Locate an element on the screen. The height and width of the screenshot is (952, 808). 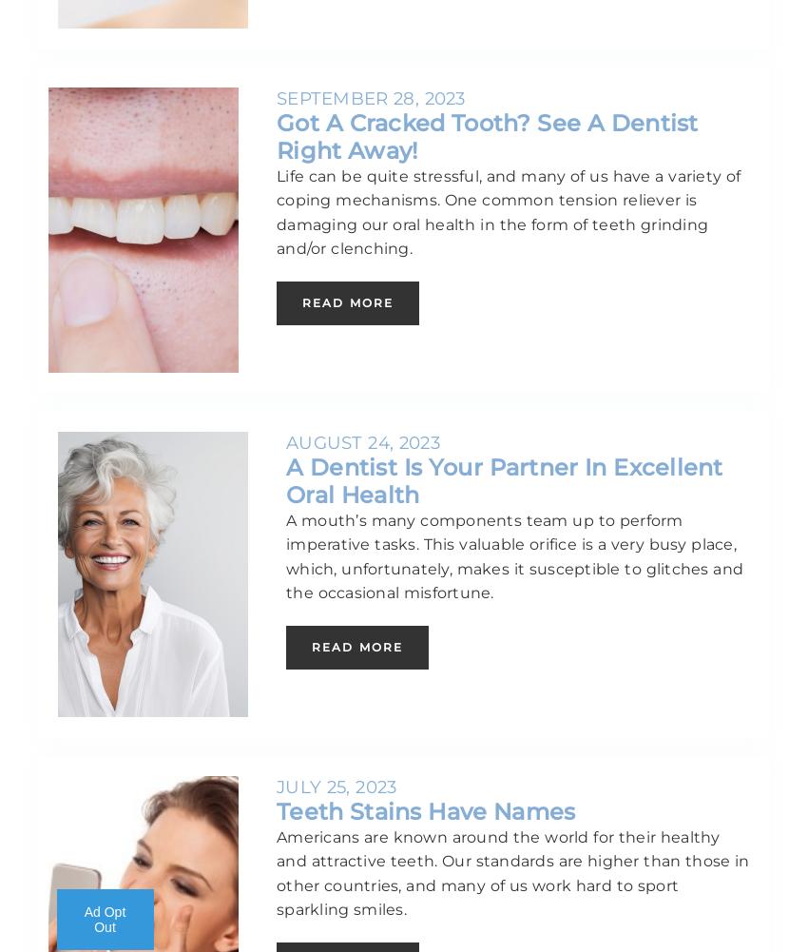
'A Dentist Is Your Partner In Excellent Oral Health' is located at coordinates (503, 479).